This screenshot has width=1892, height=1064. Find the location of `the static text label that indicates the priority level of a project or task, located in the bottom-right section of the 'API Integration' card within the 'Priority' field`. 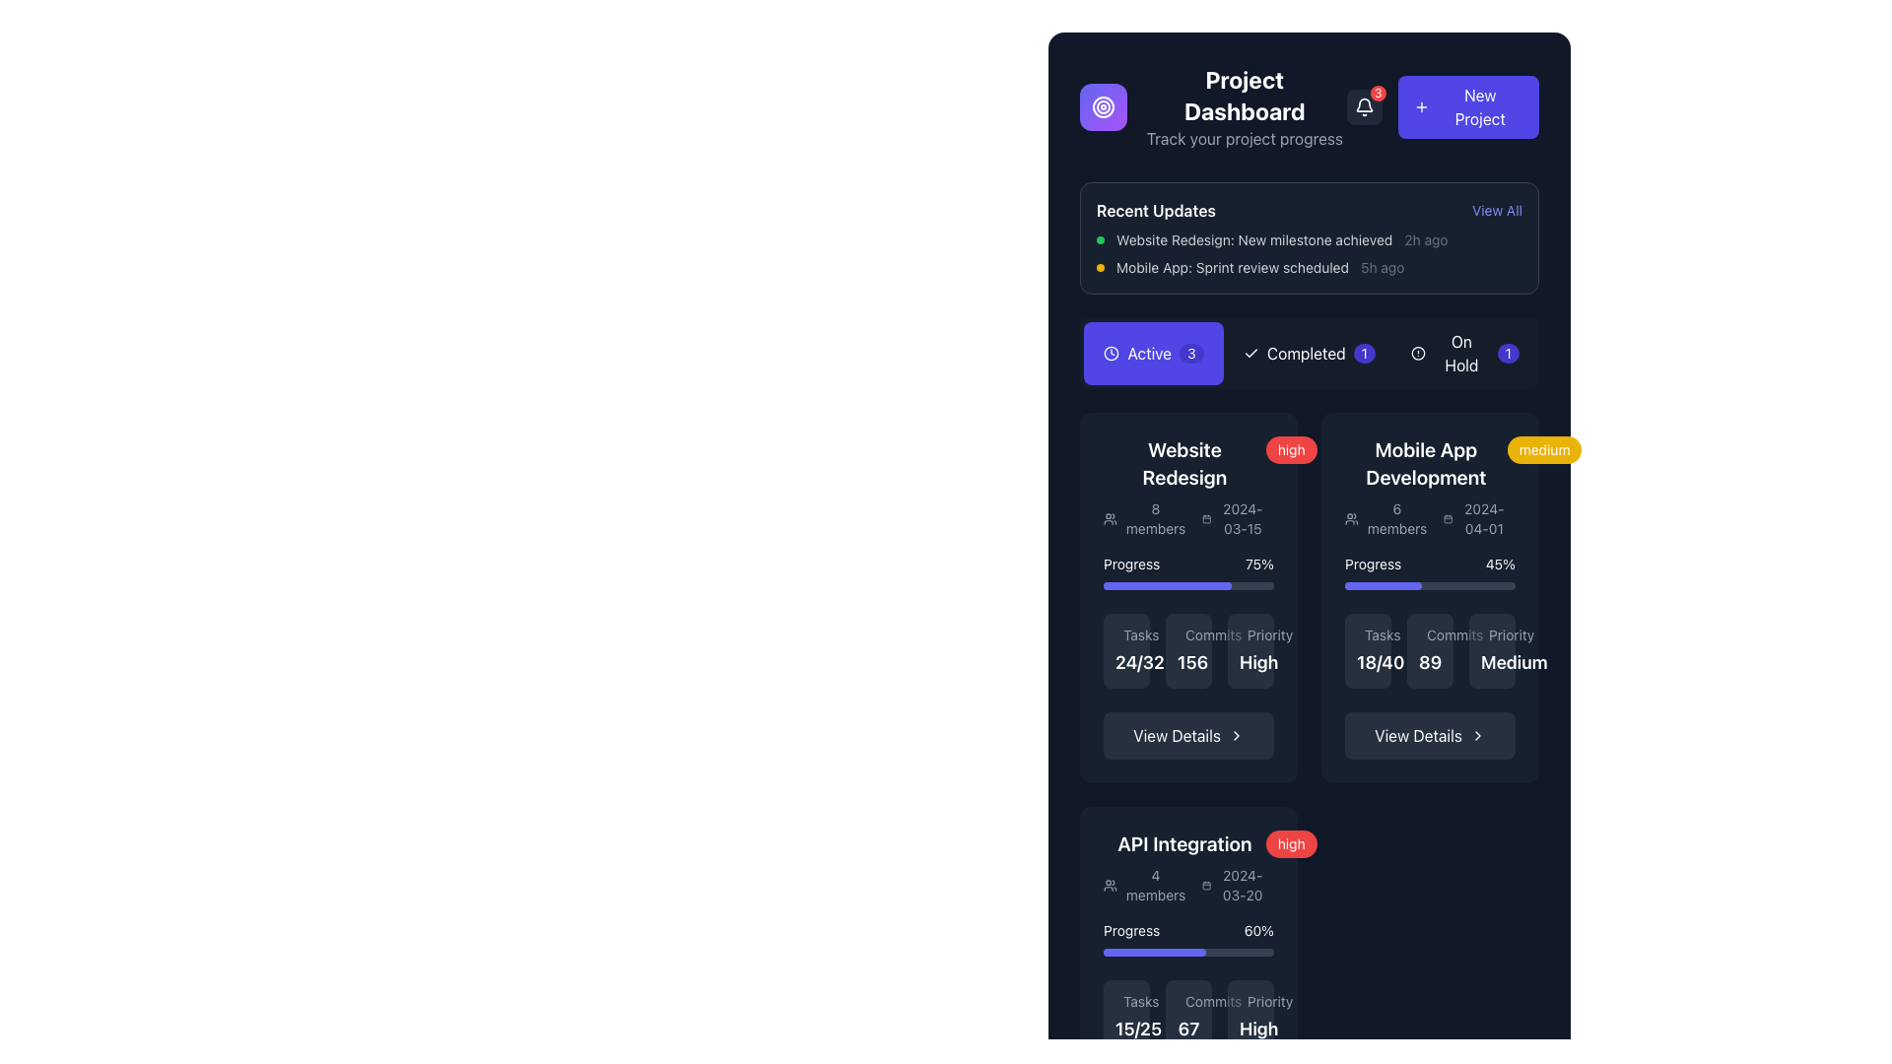

the static text label that indicates the priority level of a project or task, located in the bottom-right section of the 'API Integration' card within the 'Priority' field is located at coordinates (1250, 1018).